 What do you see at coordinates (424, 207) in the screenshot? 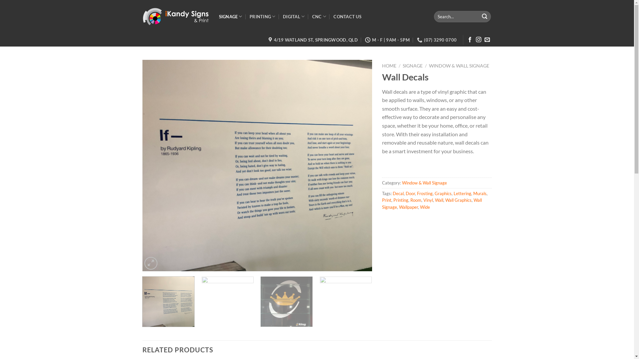
I see `'Wide'` at bounding box center [424, 207].